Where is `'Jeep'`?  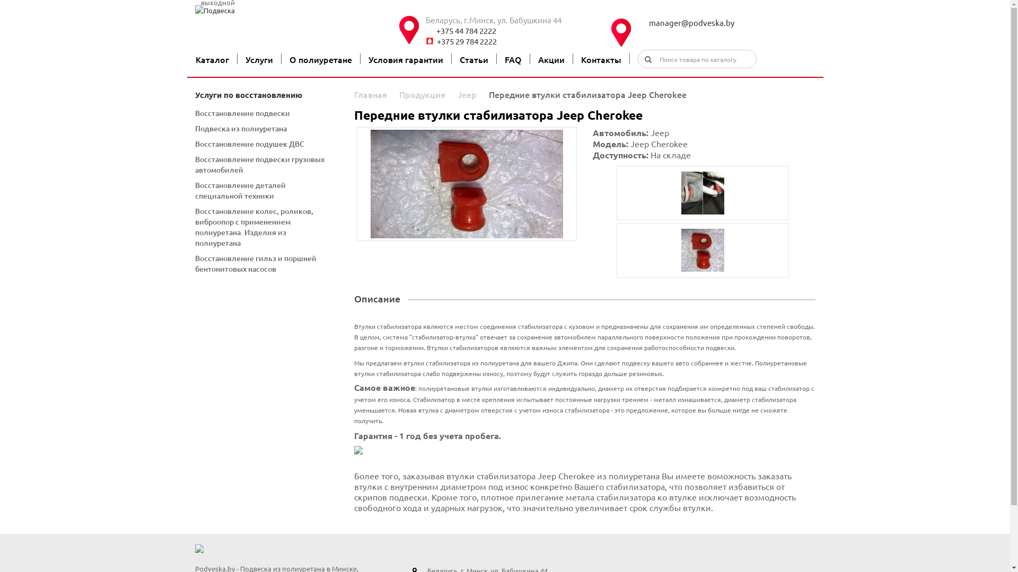
'Jeep' is located at coordinates (466, 93).